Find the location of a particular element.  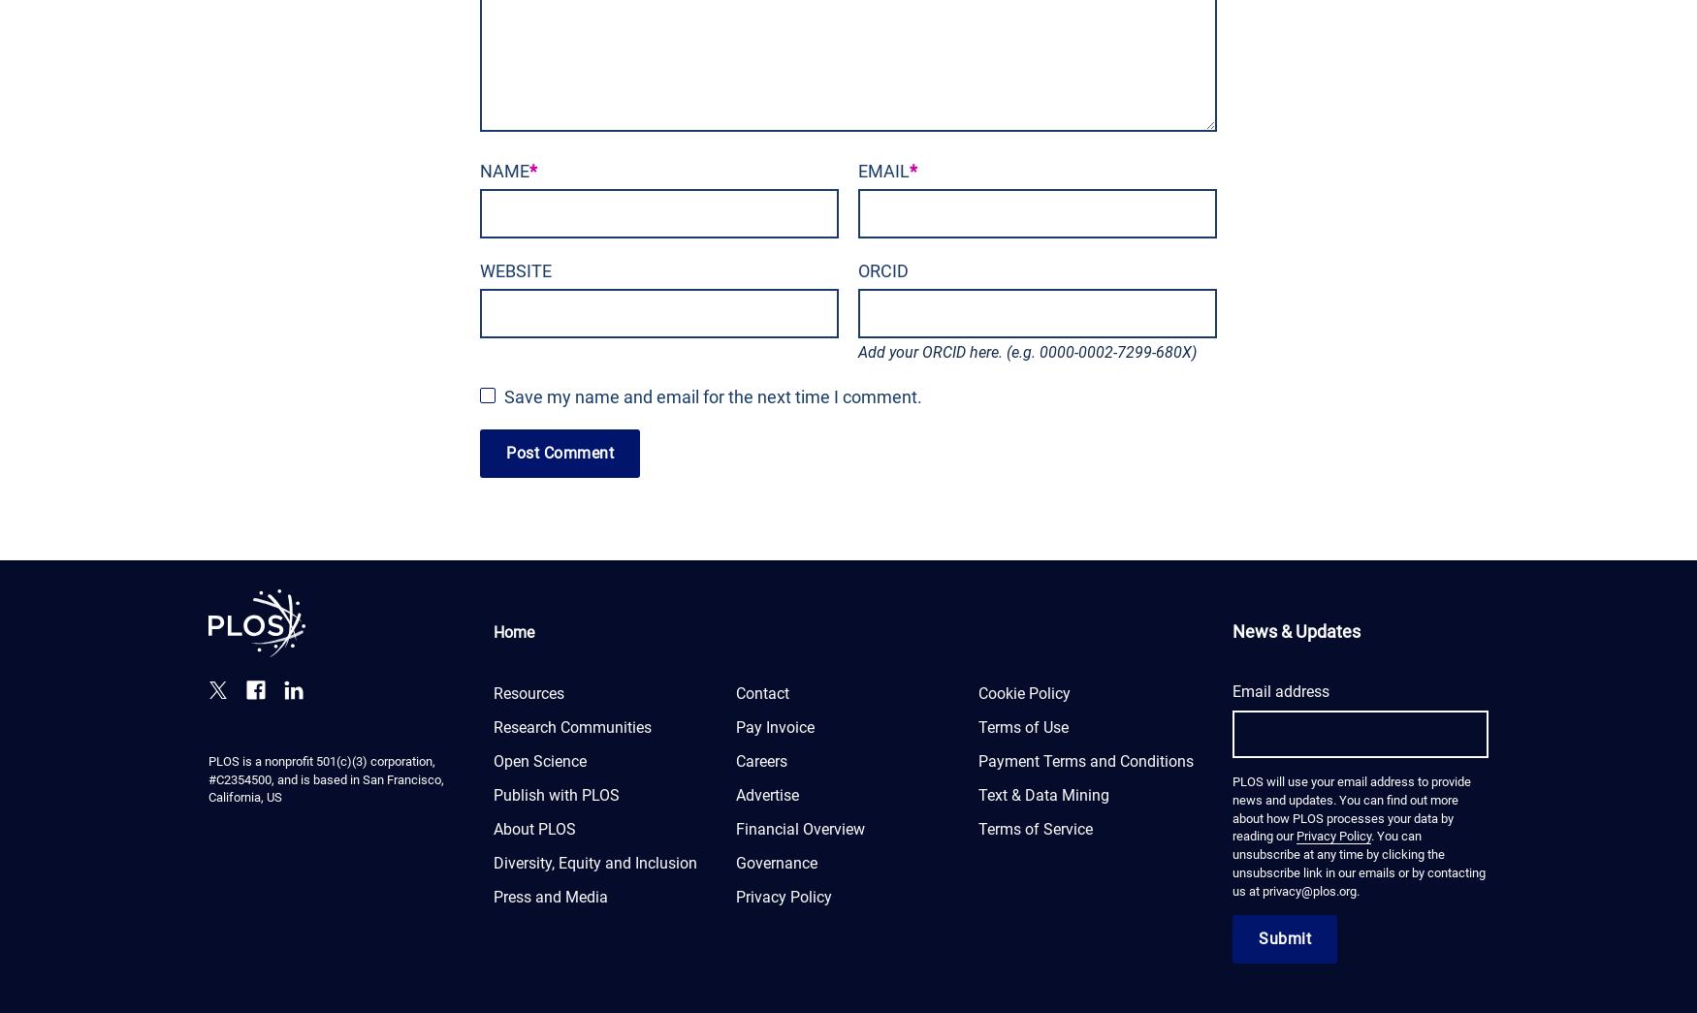

'Text & Data Mining' is located at coordinates (1043, 793).